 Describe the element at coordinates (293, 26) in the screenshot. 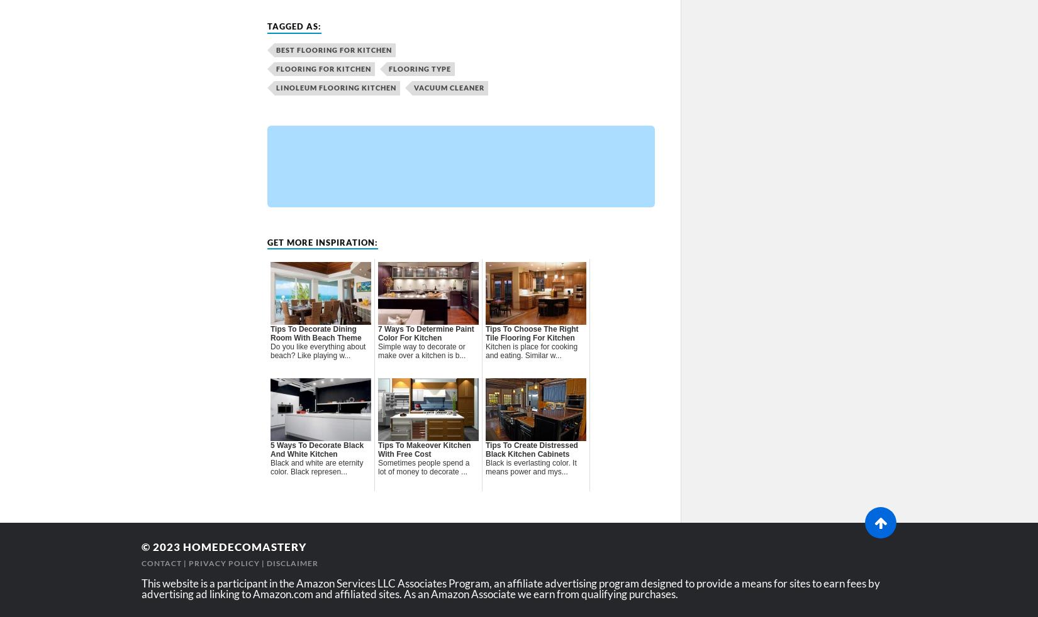

I see `'Tagged as:'` at that location.